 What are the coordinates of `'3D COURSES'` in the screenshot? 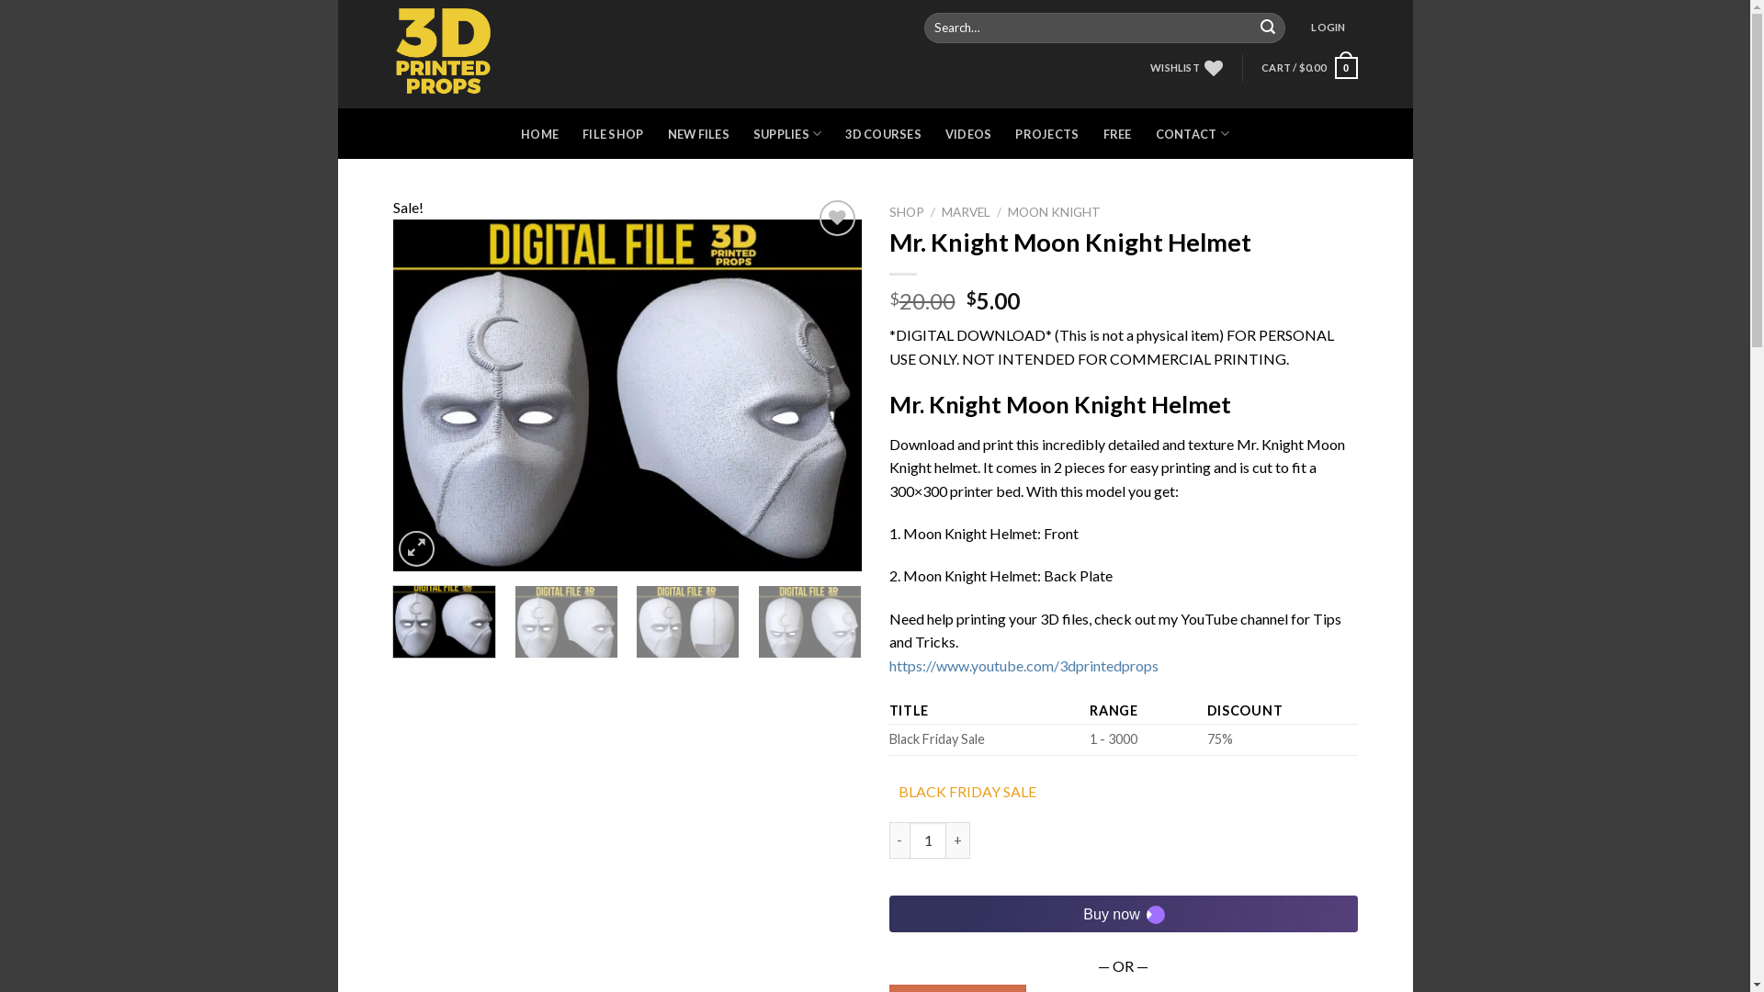 It's located at (883, 133).